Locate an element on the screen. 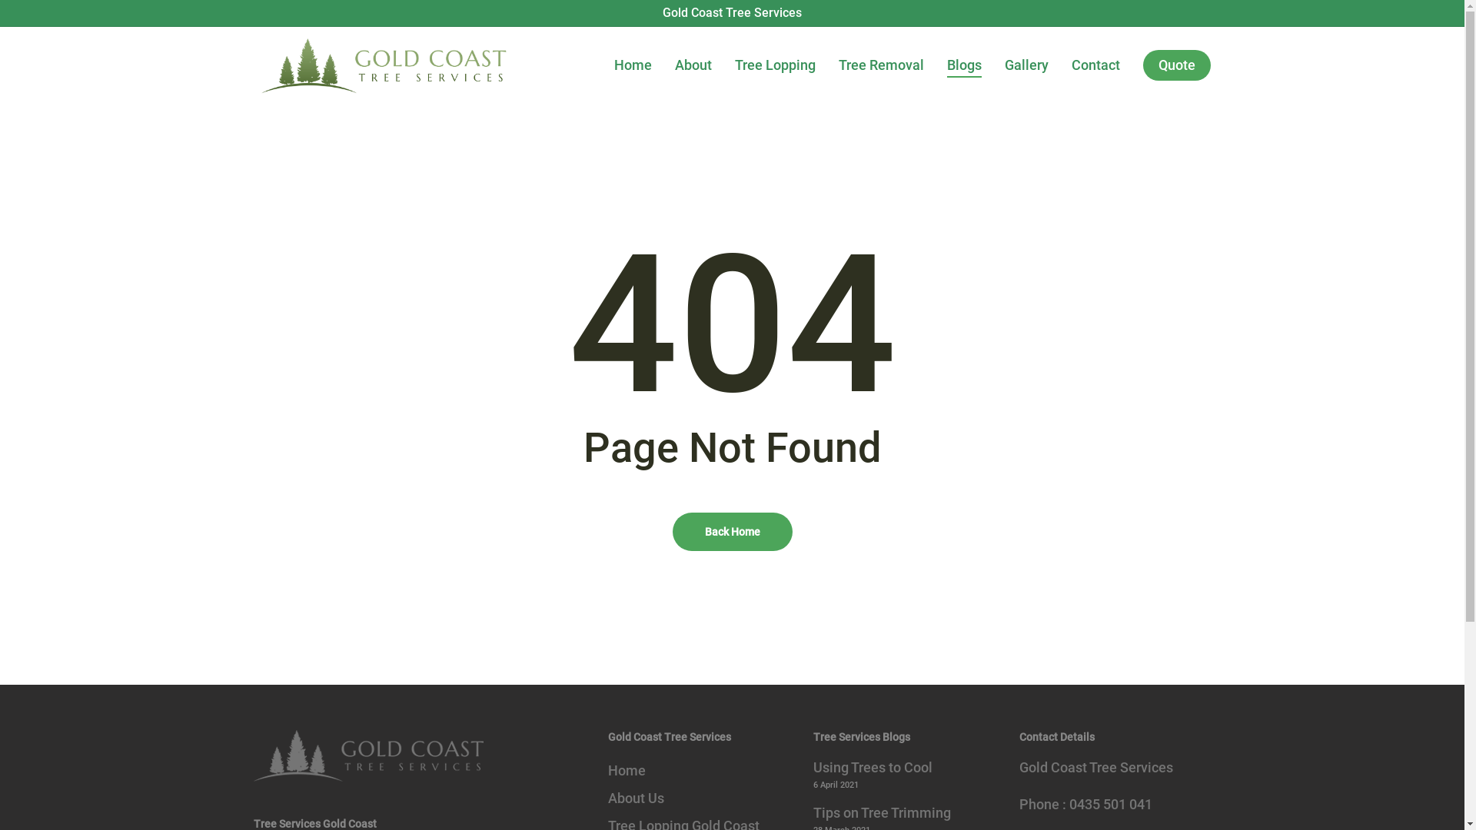 The width and height of the screenshot is (1476, 830). 'Using Trees to Cool' is located at coordinates (812, 768).